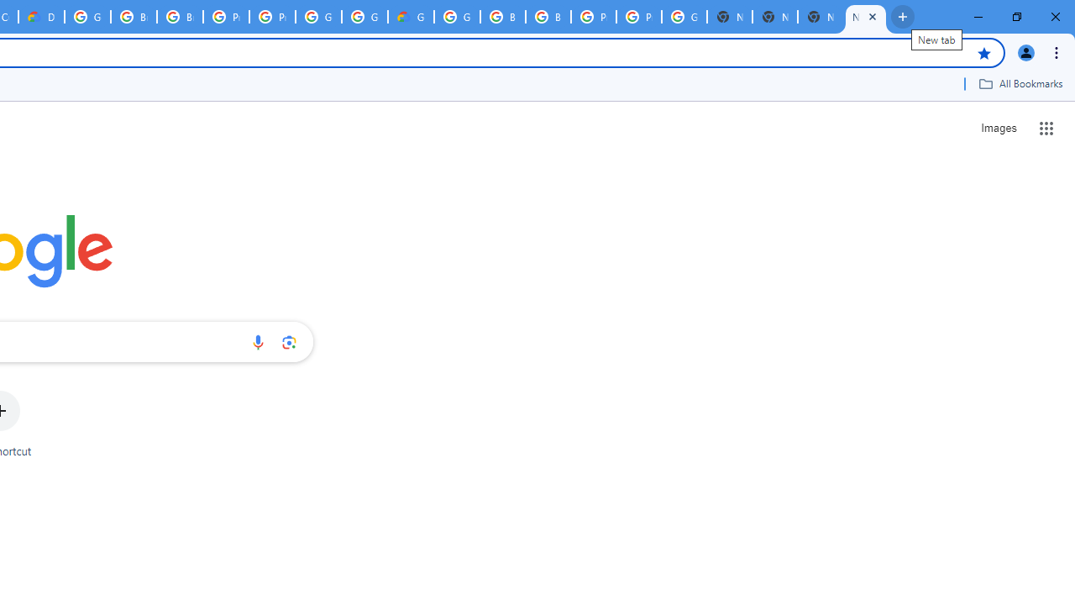  I want to click on 'Browse Chrome as a guest - Computer - Google Chrome Help', so click(133, 17).